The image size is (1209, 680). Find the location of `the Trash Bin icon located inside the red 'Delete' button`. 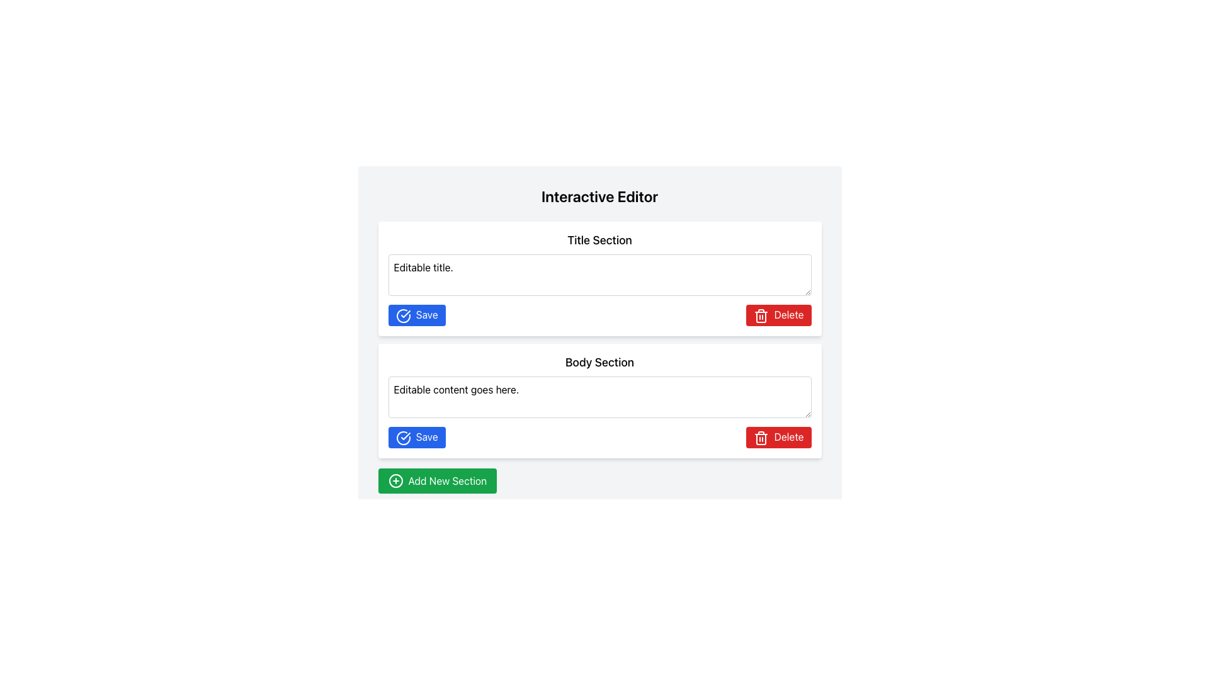

the Trash Bin icon located inside the red 'Delete' button is located at coordinates (761, 315).